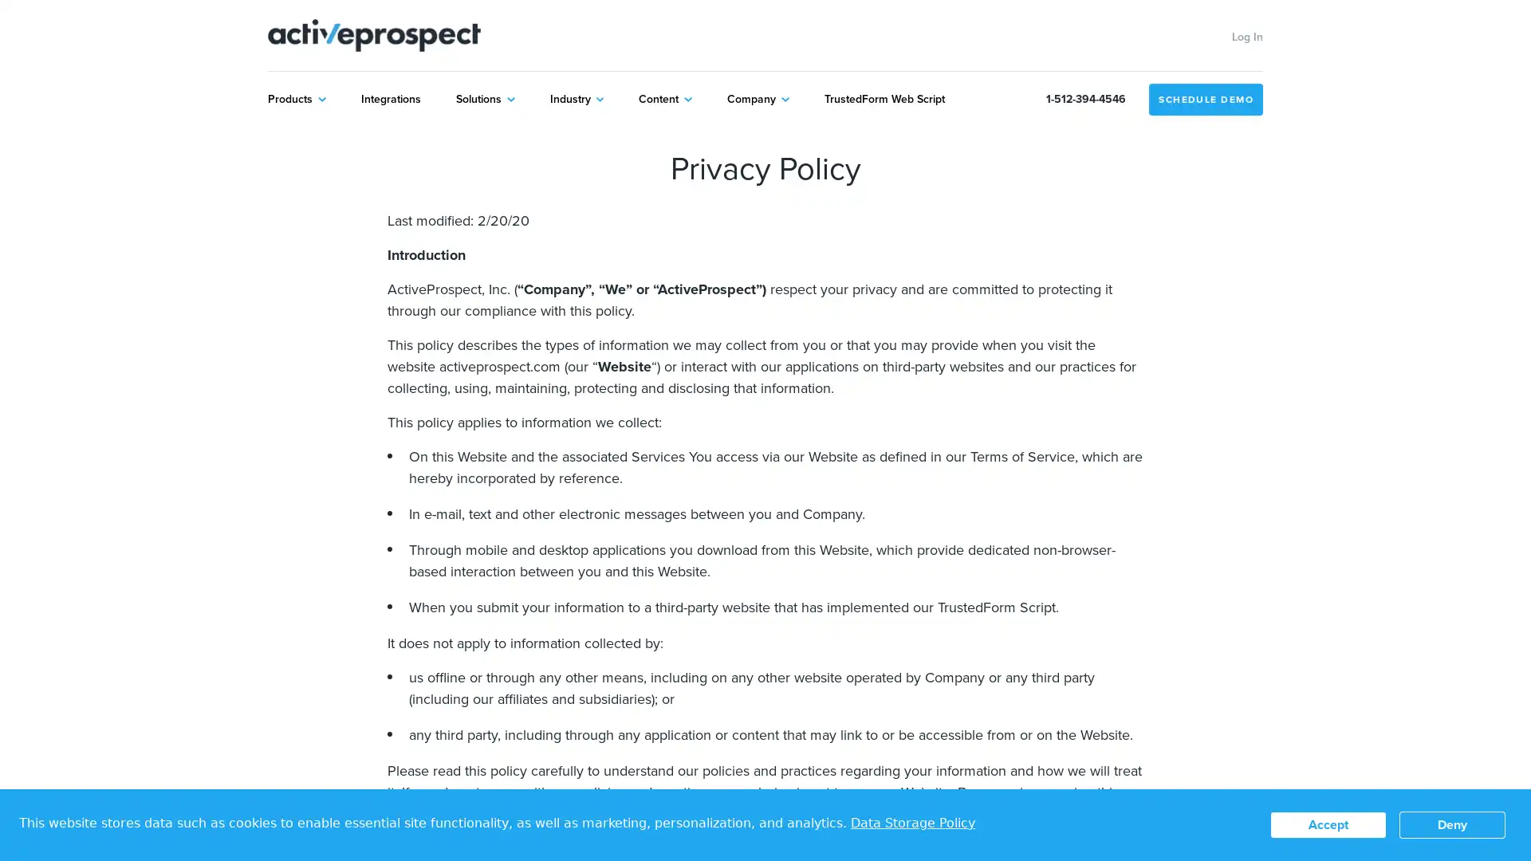 The width and height of the screenshot is (1531, 861). Describe the element at coordinates (1328, 824) in the screenshot. I see `Accept` at that location.